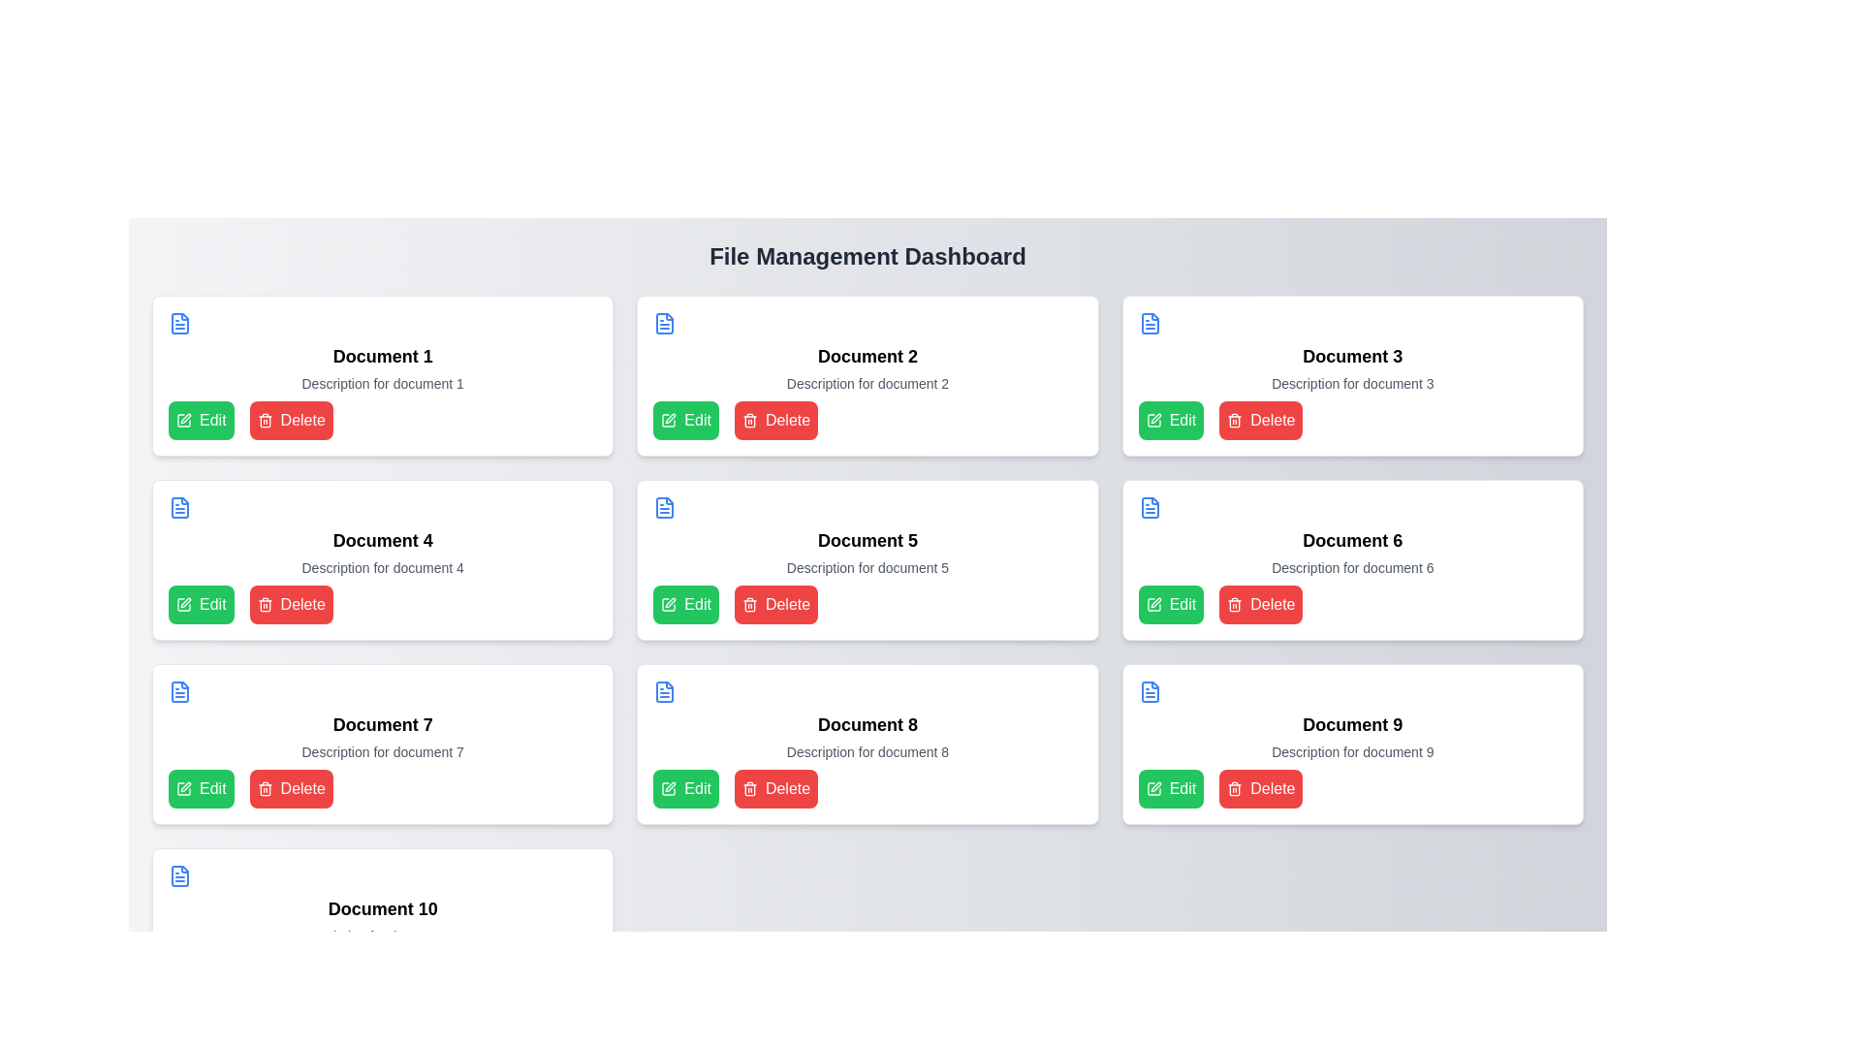 This screenshot has width=1861, height=1047. Describe the element at coordinates (1170, 788) in the screenshot. I see `the left button under the document-specific information panel for 'Document 9'` at that location.